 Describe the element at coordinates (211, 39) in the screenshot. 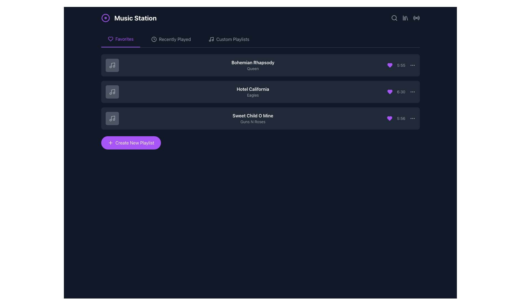

I see `the icon representing the 'Custom Playlists' section, which is positioned to the left of the text label 'Custom Playlists'` at that location.